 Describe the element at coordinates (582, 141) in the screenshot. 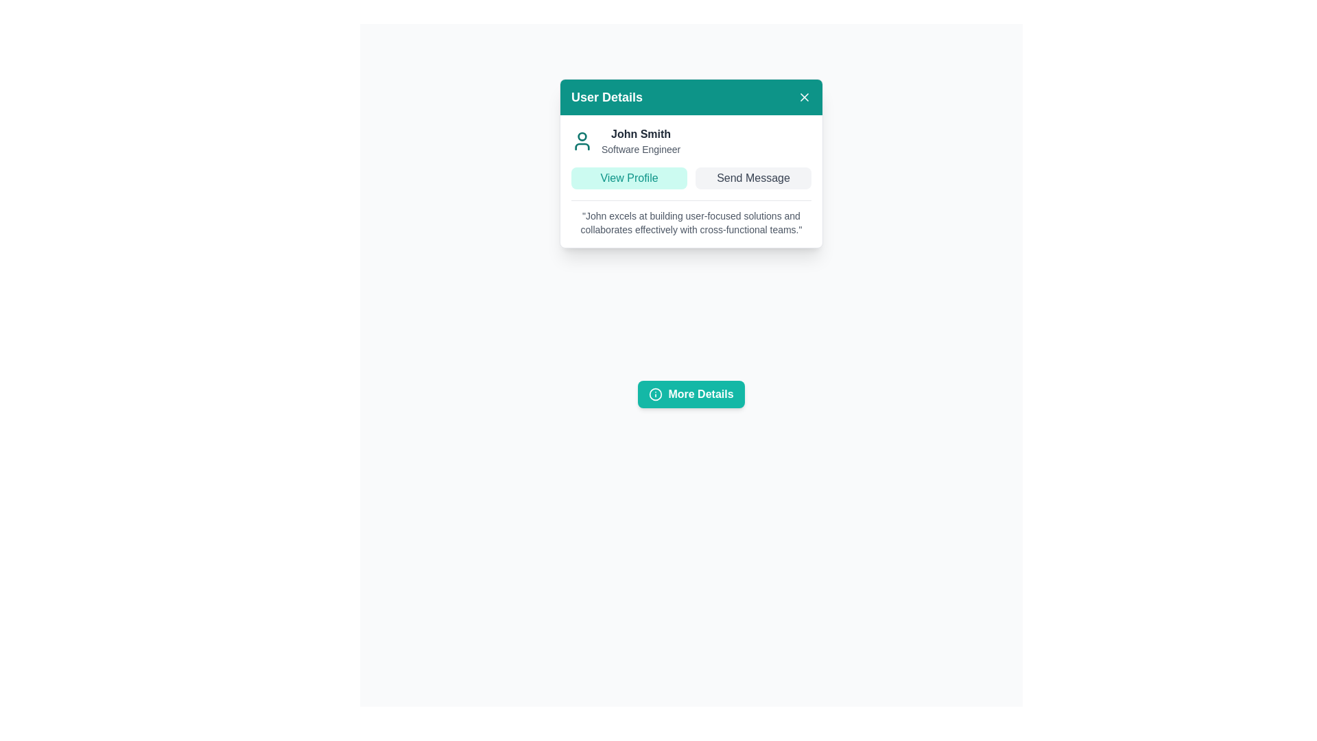

I see `the teal user icon located to the left of the user details section, before the name 'John Smith' and job title 'Software Engineer'` at that location.